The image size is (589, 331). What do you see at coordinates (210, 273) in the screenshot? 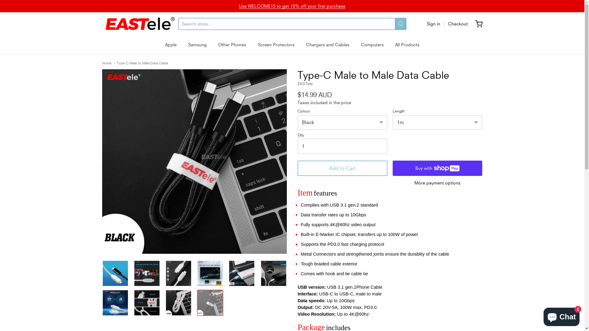
I see `'Type-C Male to Male Data Cable'` at bounding box center [210, 273].